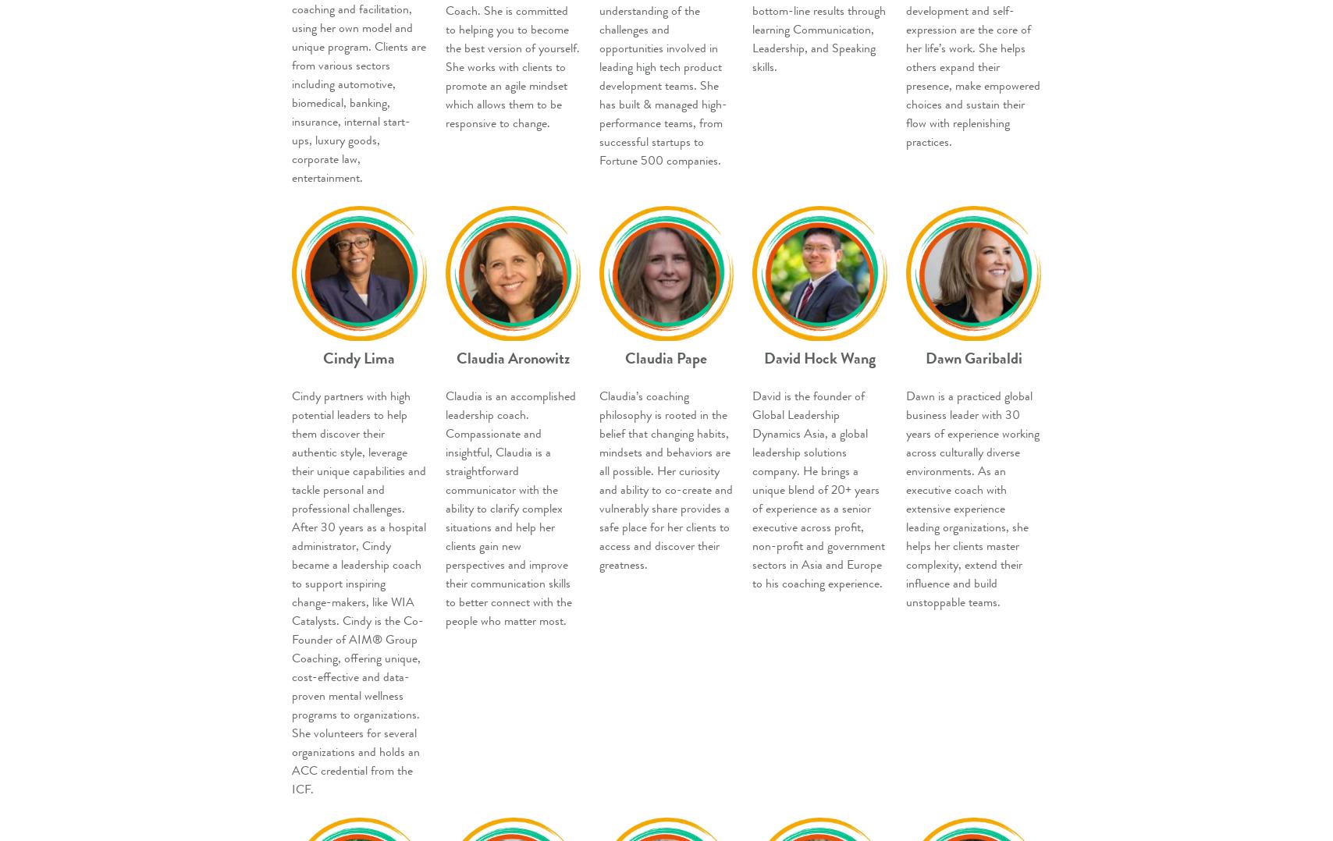 The width and height of the screenshot is (1333, 841). What do you see at coordinates (819, 358) in the screenshot?
I see `'David Hock Wang'` at bounding box center [819, 358].